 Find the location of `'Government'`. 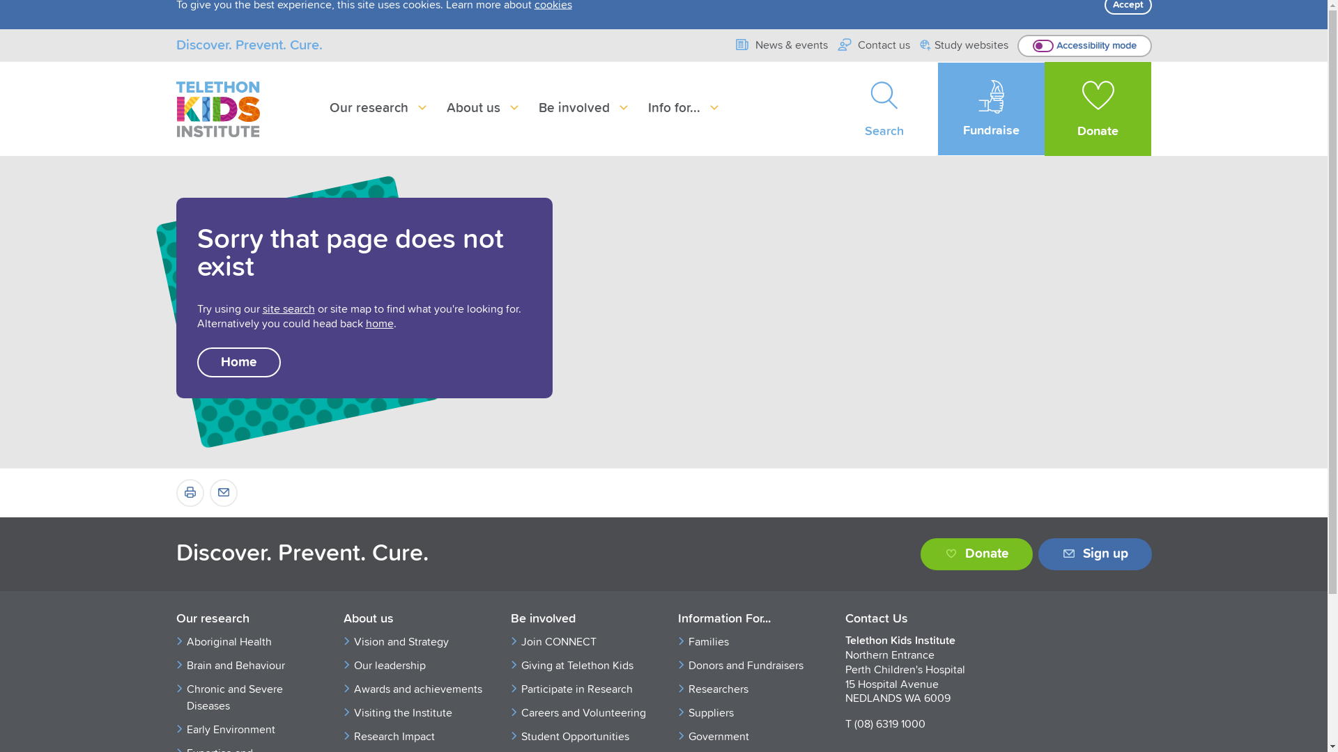

'Government' is located at coordinates (689, 735).